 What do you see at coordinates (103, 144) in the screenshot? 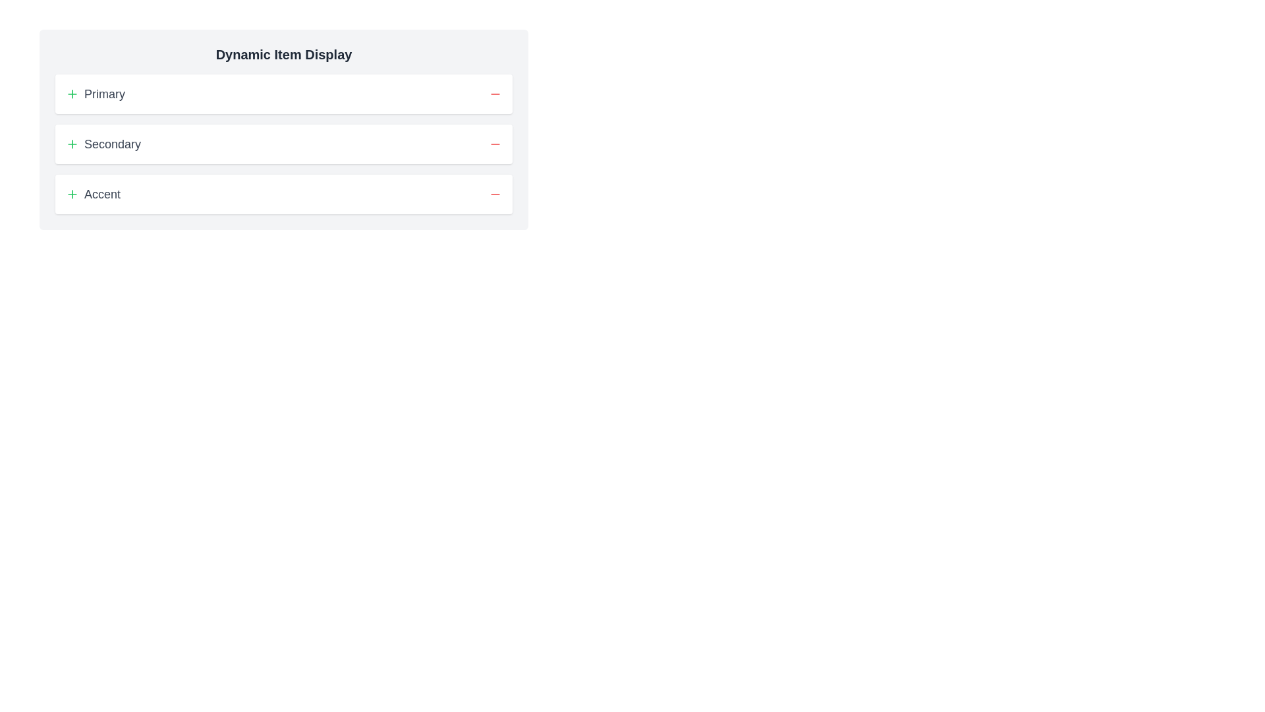
I see `the 'Secondary' label with a green plus icon, which is located below the 'Primary' item and above the 'Accent' item in a vertically stacked list` at bounding box center [103, 144].